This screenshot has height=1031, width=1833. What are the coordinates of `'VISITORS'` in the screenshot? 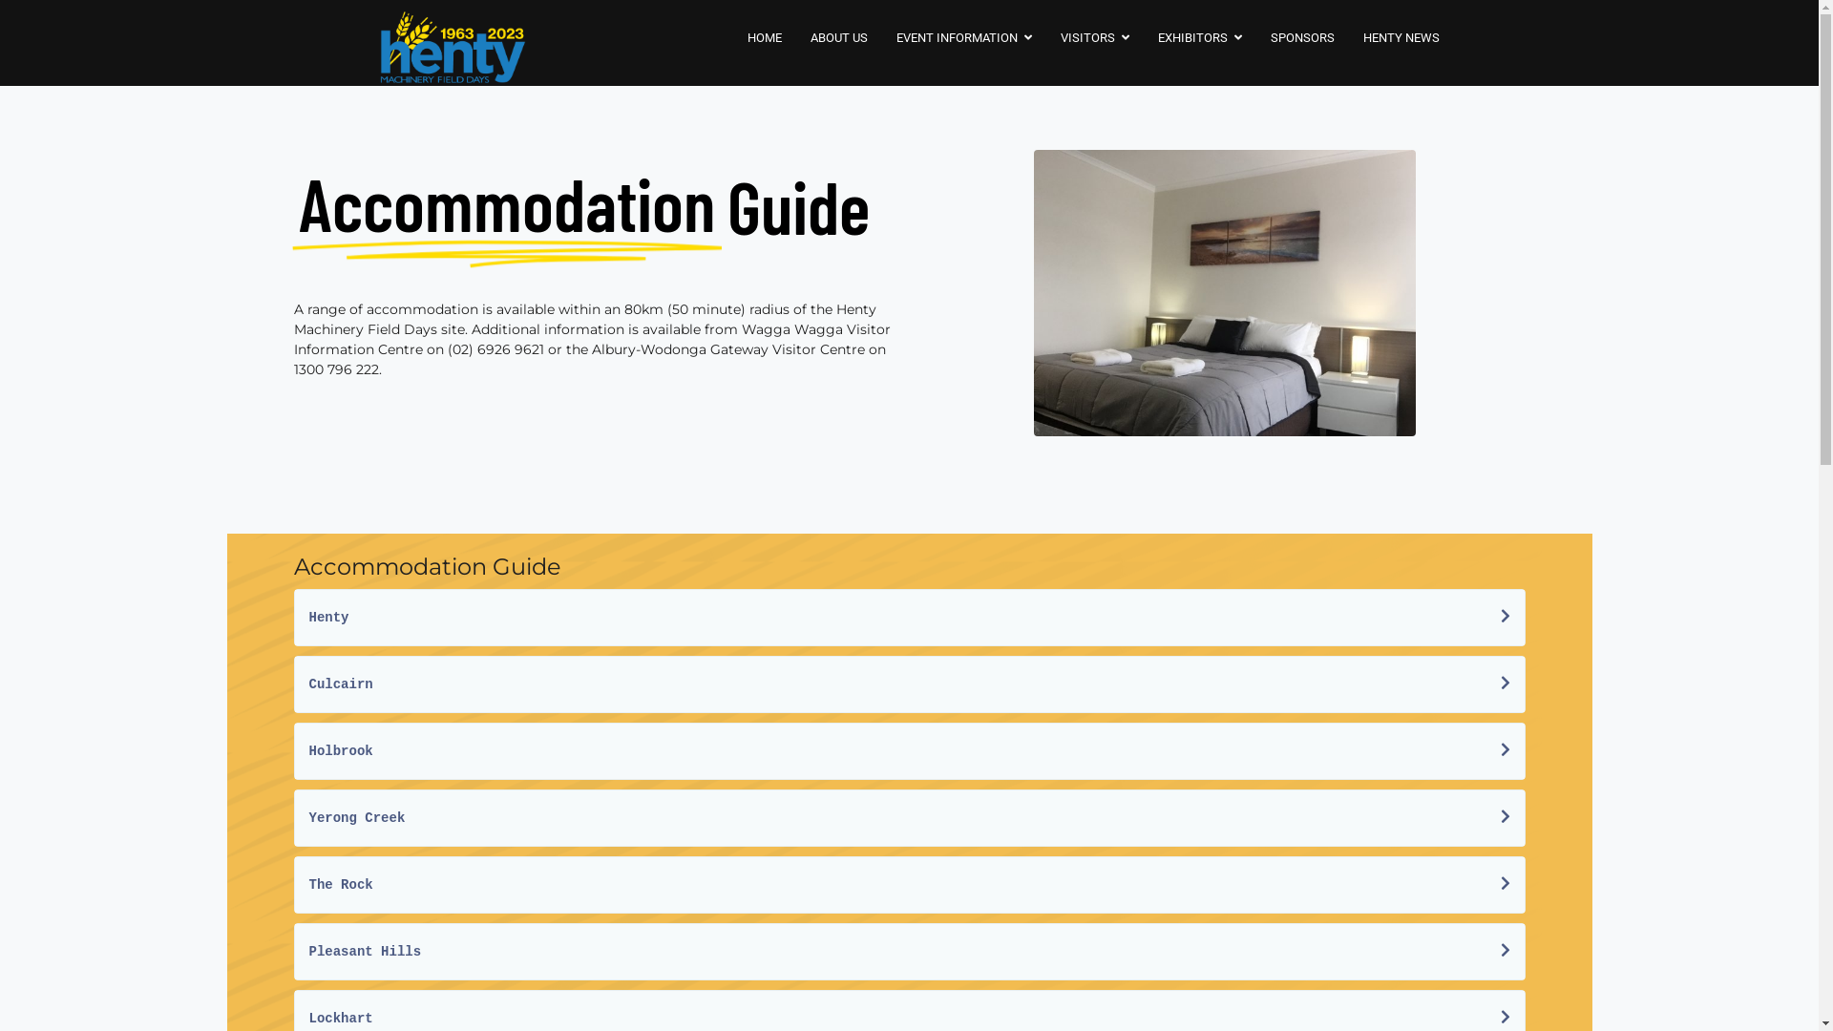 It's located at (1095, 37).